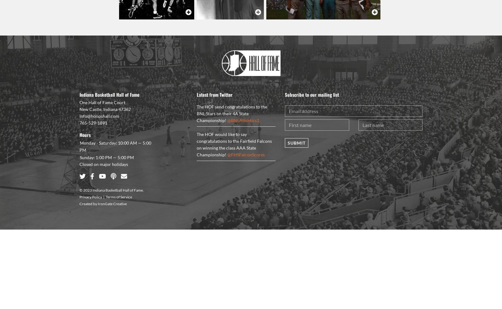 The width and height of the screenshot is (502, 309). What do you see at coordinates (114, 157) in the screenshot?
I see `'1:00 PM — 5:00 PM'` at bounding box center [114, 157].